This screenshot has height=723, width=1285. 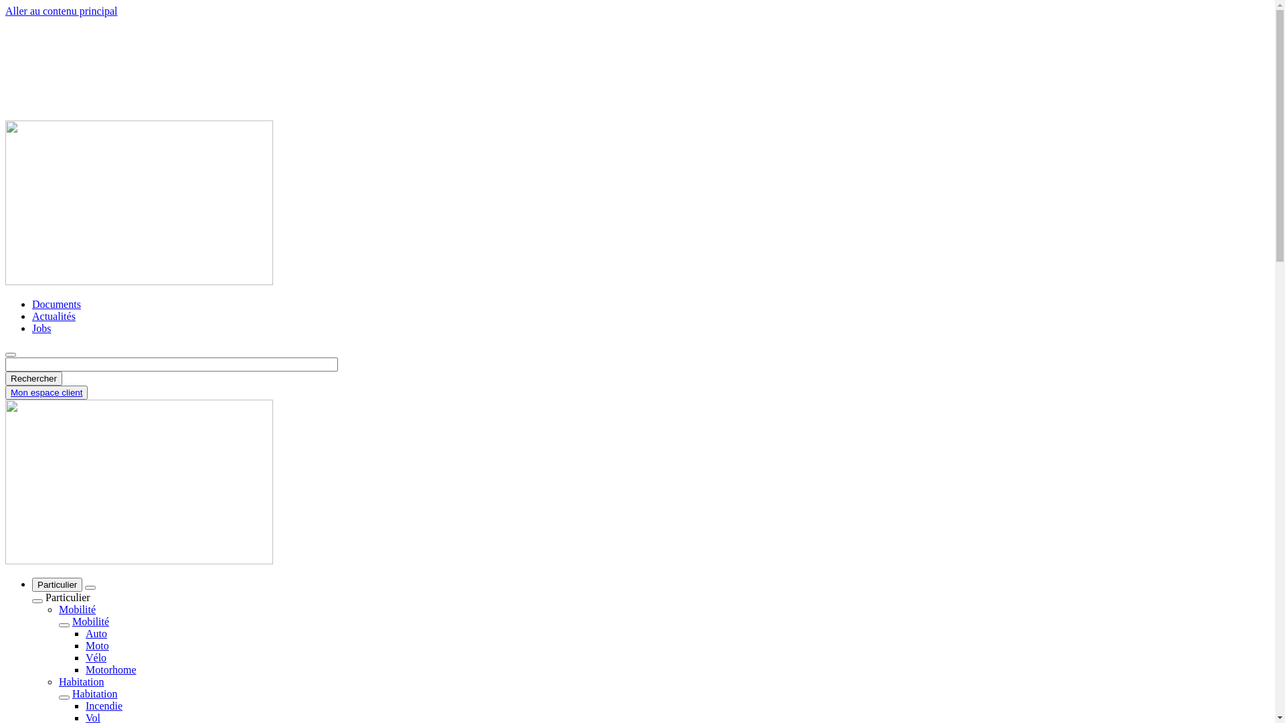 What do you see at coordinates (56, 304) in the screenshot?
I see `'Documents'` at bounding box center [56, 304].